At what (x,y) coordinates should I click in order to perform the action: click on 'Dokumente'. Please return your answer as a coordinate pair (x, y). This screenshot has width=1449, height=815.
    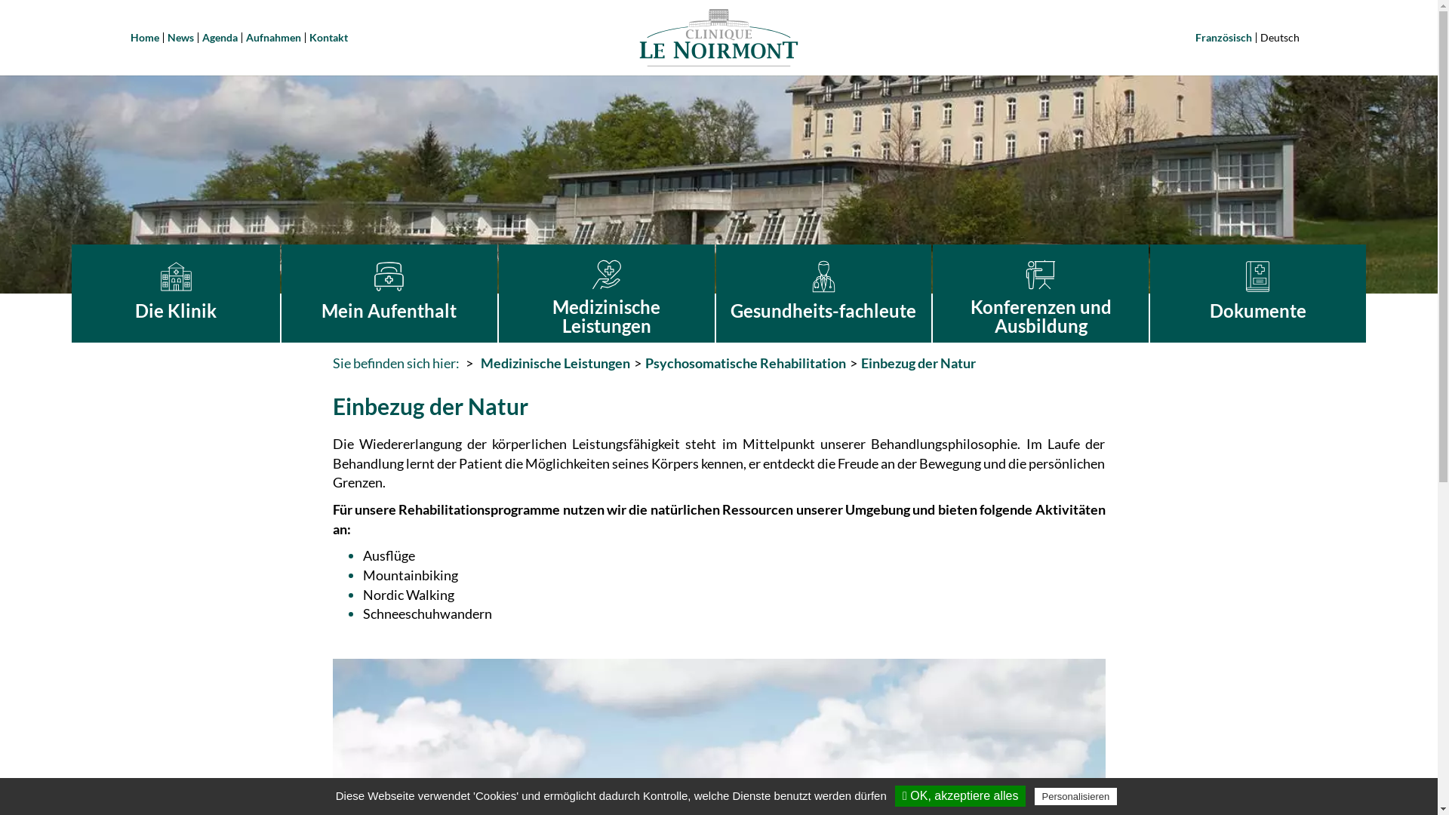
    Looking at the image, I should click on (1257, 294).